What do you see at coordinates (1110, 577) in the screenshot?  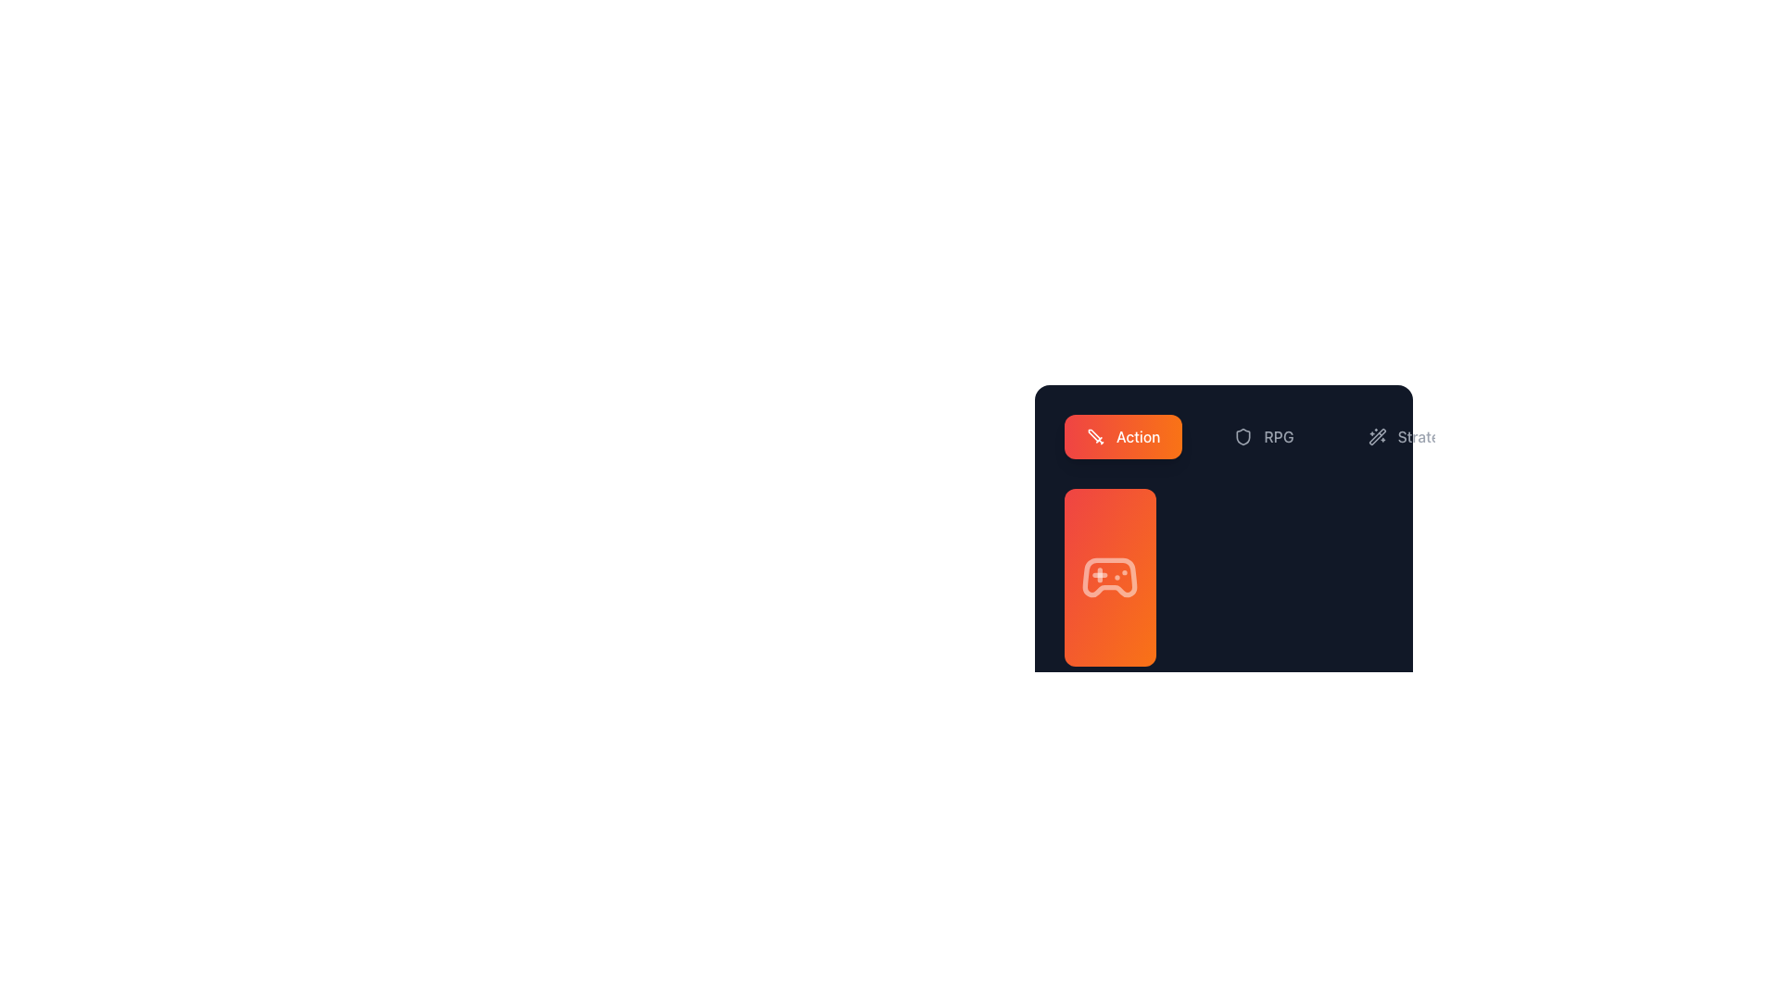 I see `the vibrant gradient button with a game controller icon` at bounding box center [1110, 577].